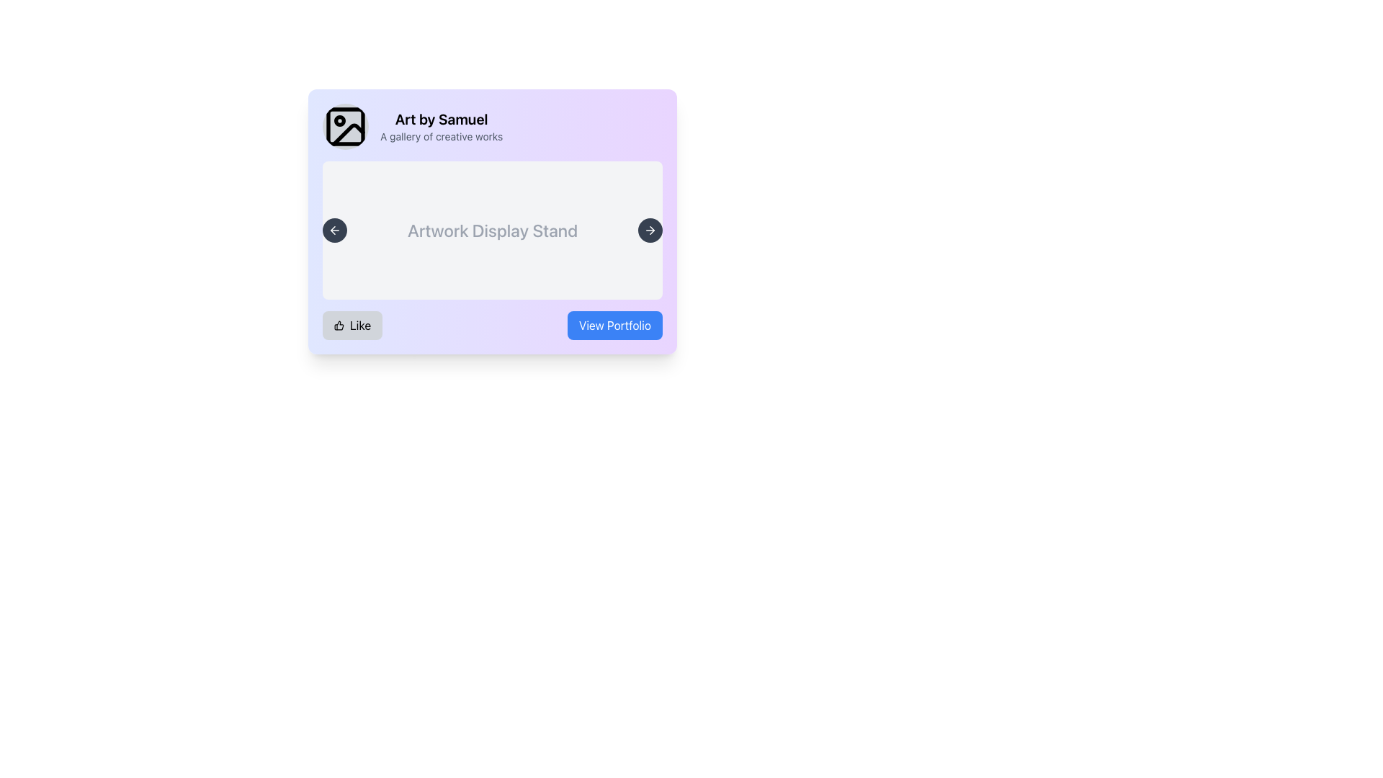 The height and width of the screenshot is (778, 1383). What do you see at coordinates (651, 230) in the screenshot?
I see `the right-pointing arrow SVG icon located at the middle-right section of the interface` at bounding box center [651, 230].